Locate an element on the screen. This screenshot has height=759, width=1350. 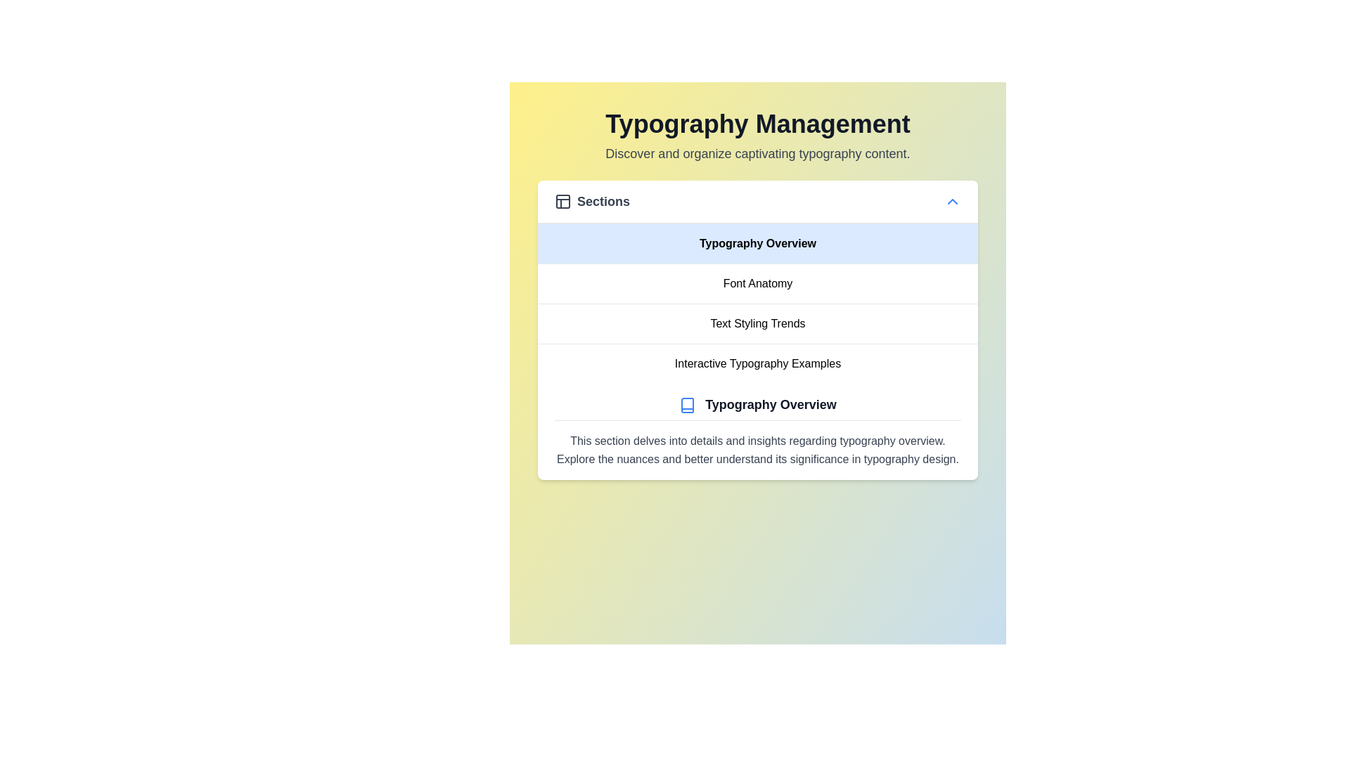
the chevron icon located at the upper-right corner of the 'Sections' section header is located at coordinates (952, 201).